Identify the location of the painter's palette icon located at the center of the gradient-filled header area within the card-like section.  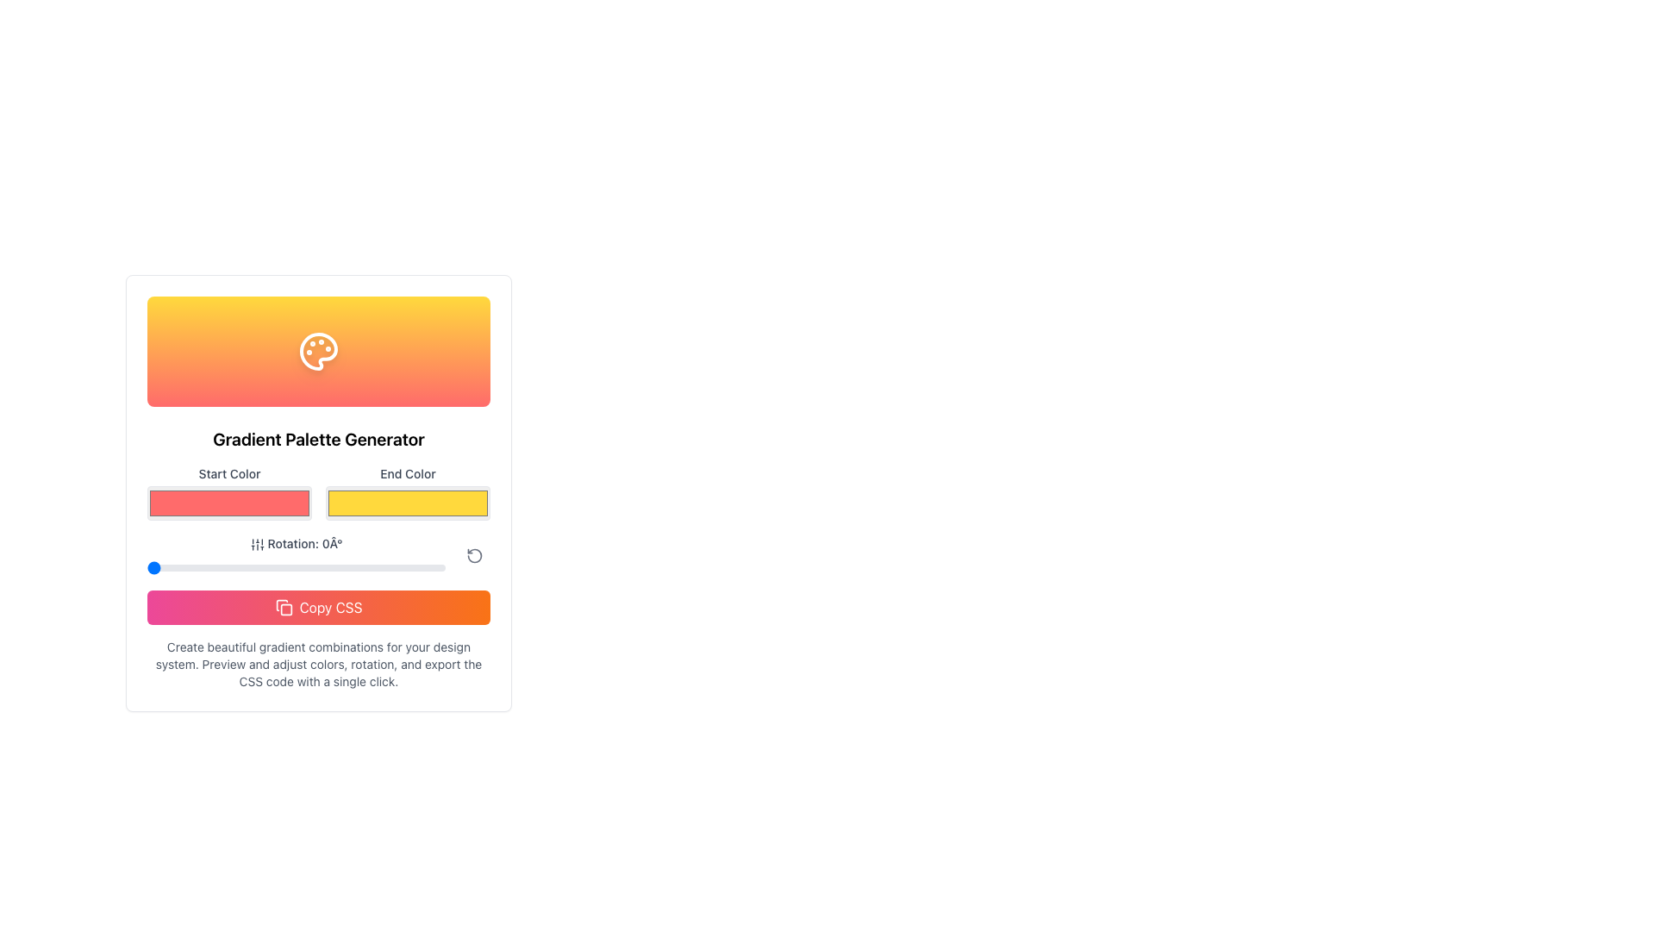
(318, 351).